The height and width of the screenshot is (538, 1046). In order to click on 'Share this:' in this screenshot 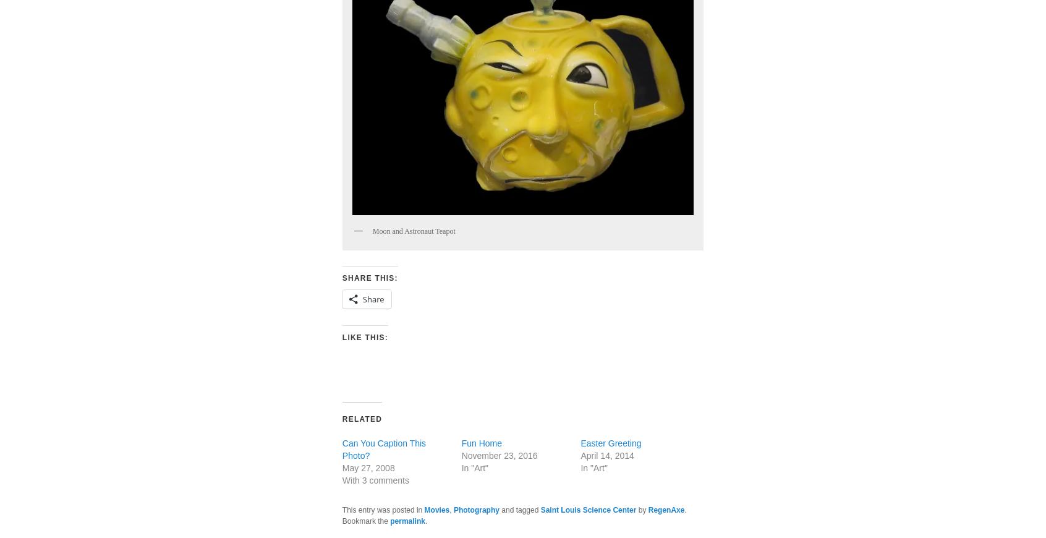, I will do `click(368, 277)`.